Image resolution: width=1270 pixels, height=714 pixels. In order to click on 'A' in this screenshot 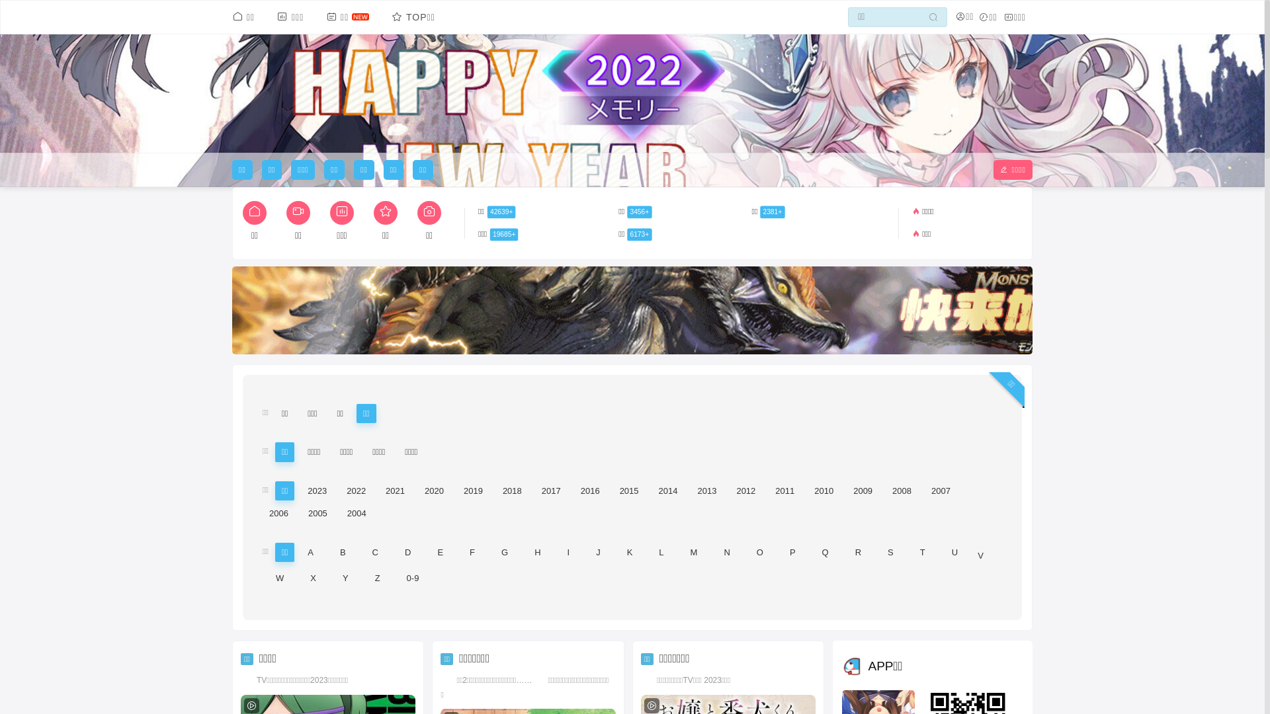, I will do `click(300, 552)`.